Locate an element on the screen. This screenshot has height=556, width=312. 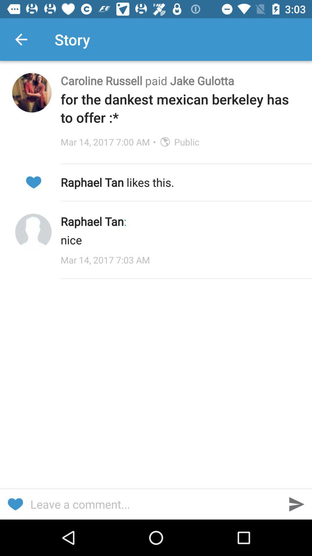
the icon to the left of raphael tan:  icon is located at coordinates (33, 232).